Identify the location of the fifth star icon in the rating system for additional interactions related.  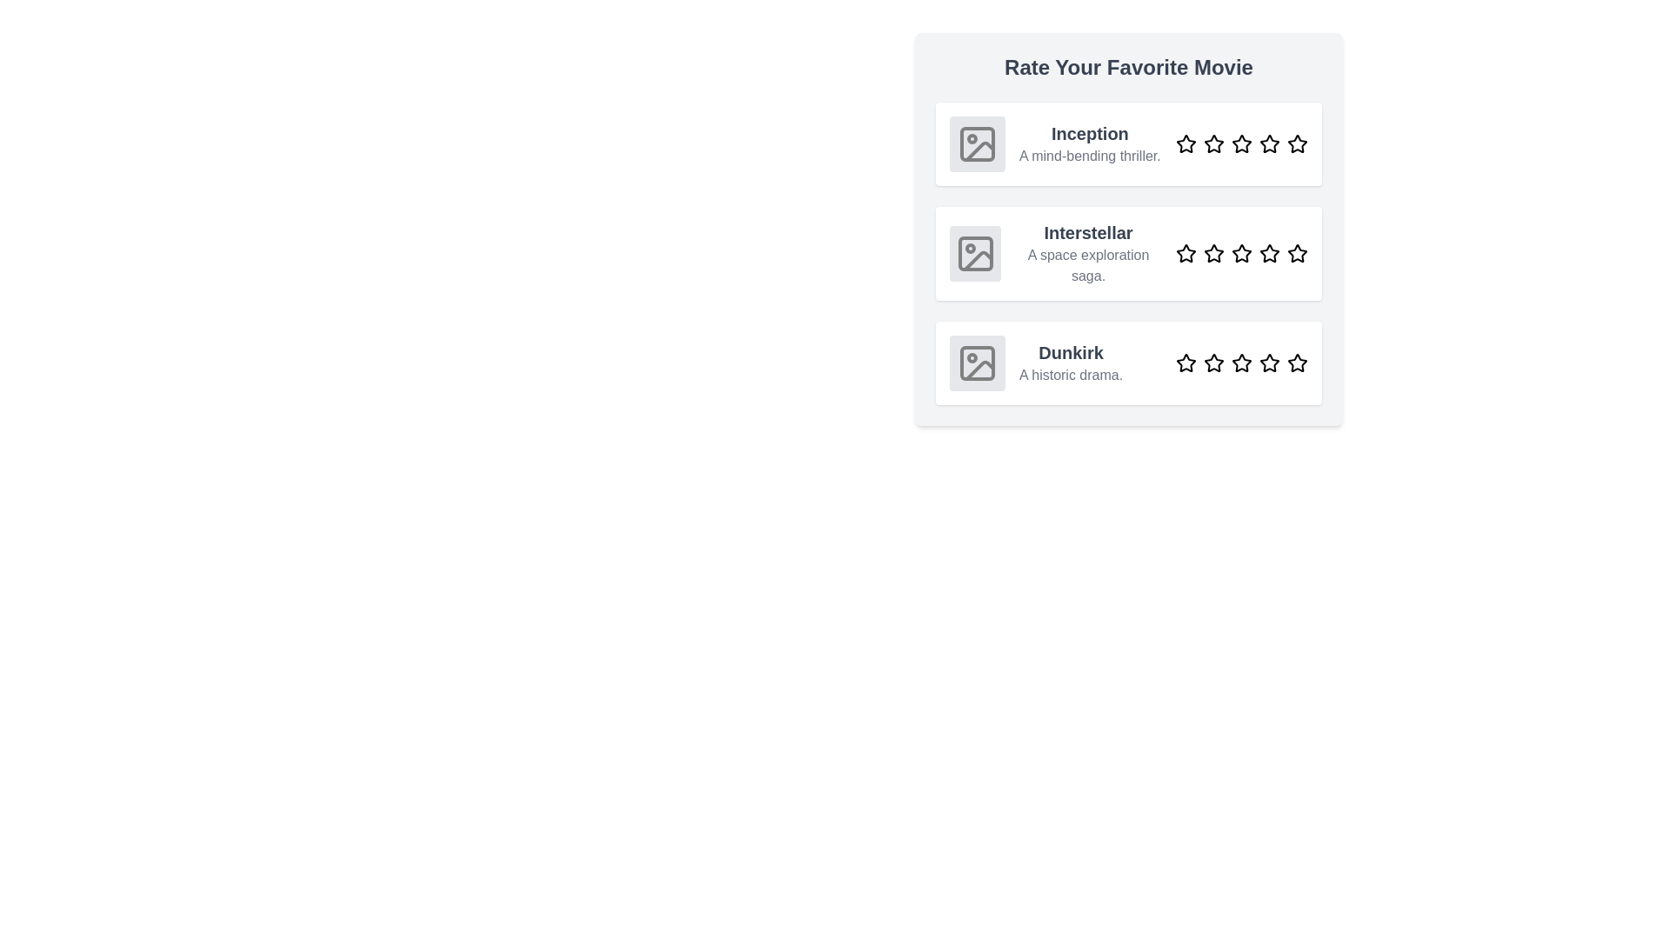
(1298, 143).